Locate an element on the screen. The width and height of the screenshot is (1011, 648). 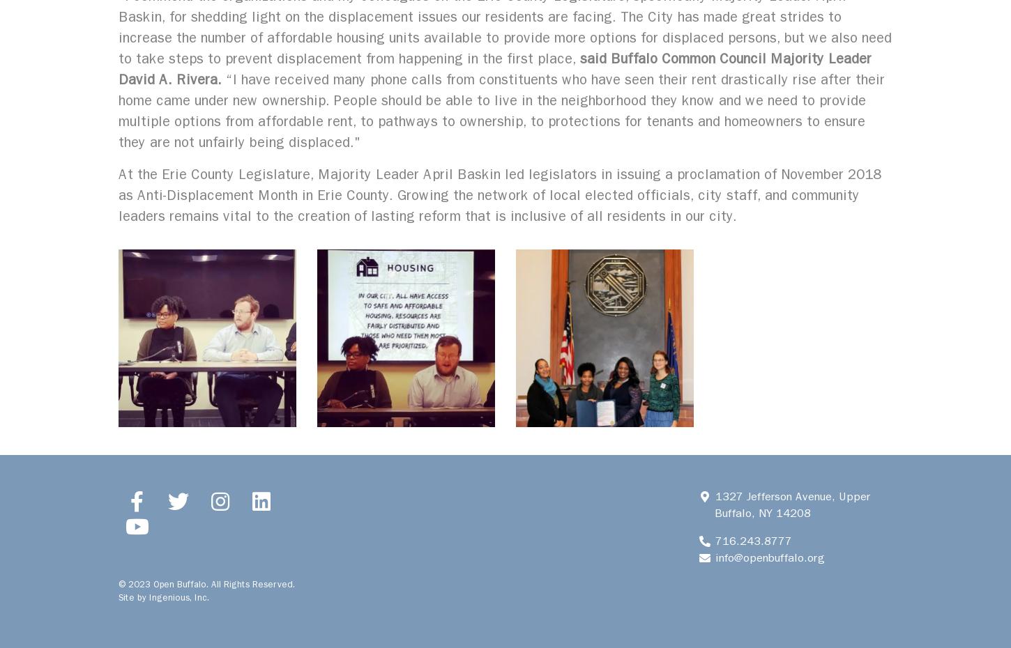
'Ingenious, Inc.' is located at coordinates (178, 597).